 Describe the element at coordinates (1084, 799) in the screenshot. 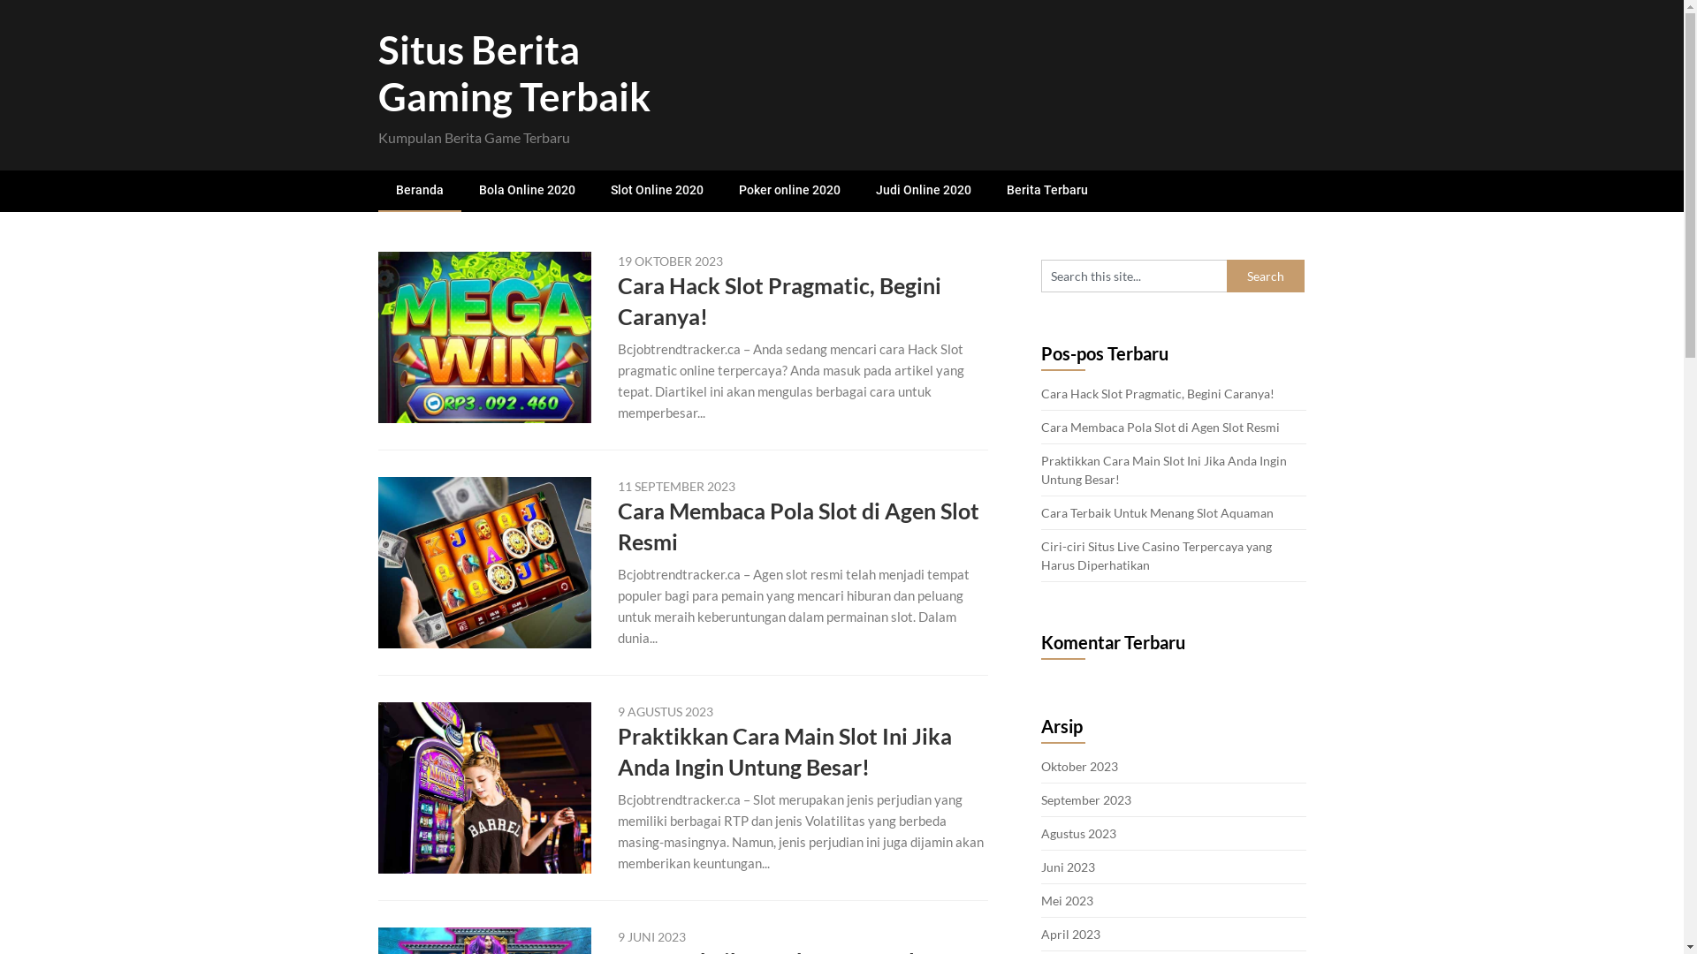

I see `'September 2023'` at that location.